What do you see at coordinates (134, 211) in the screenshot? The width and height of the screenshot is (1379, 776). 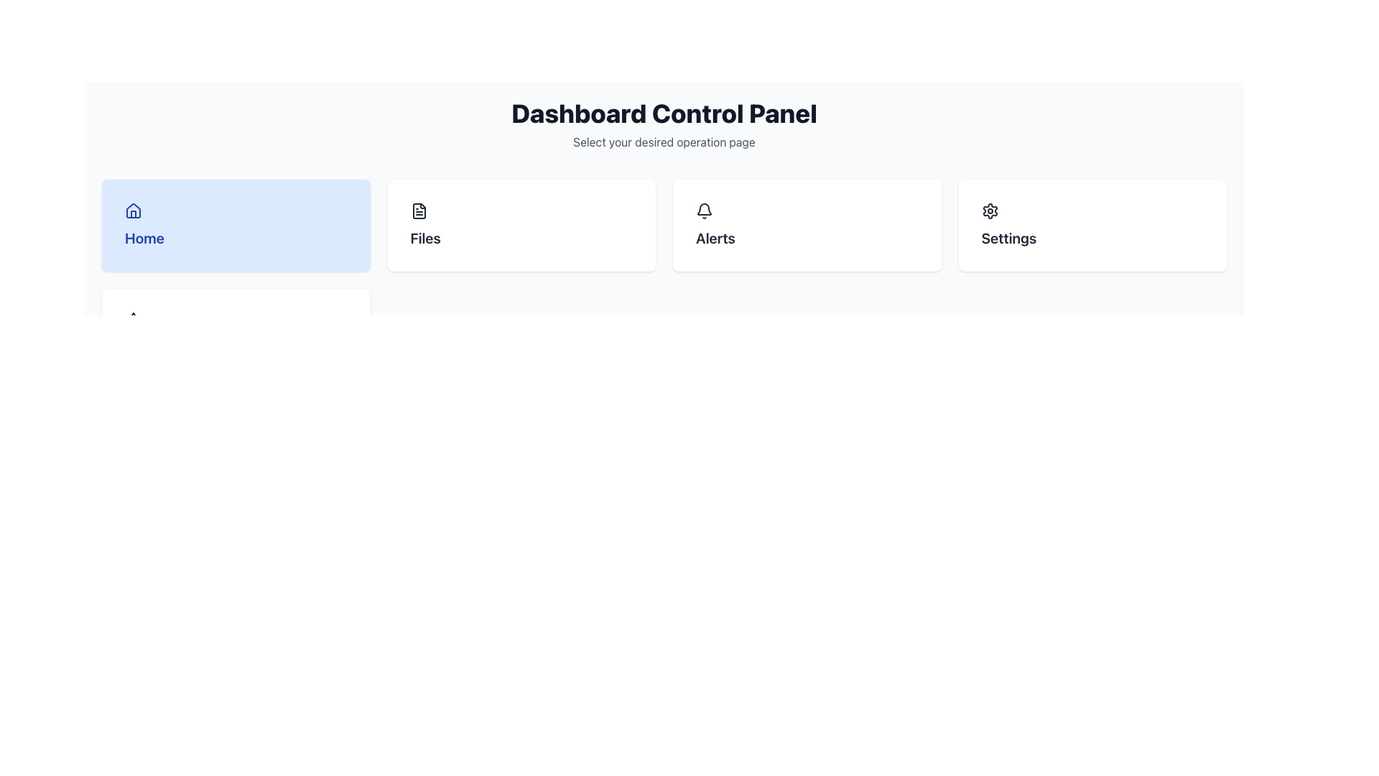 I see `the outer structure of the house icon, represented by the hollow outline of the house with a pitched roof located in the first box on the left of the top row of the dashboard layout` at bounding box center [134, 211].